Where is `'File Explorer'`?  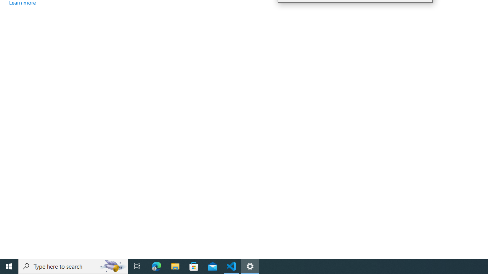 'File Explorer' is located at coordinates (175, 266).